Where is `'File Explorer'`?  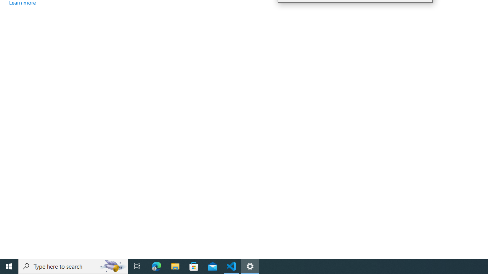 'File Explorer' is located at coordinates (175, 266).